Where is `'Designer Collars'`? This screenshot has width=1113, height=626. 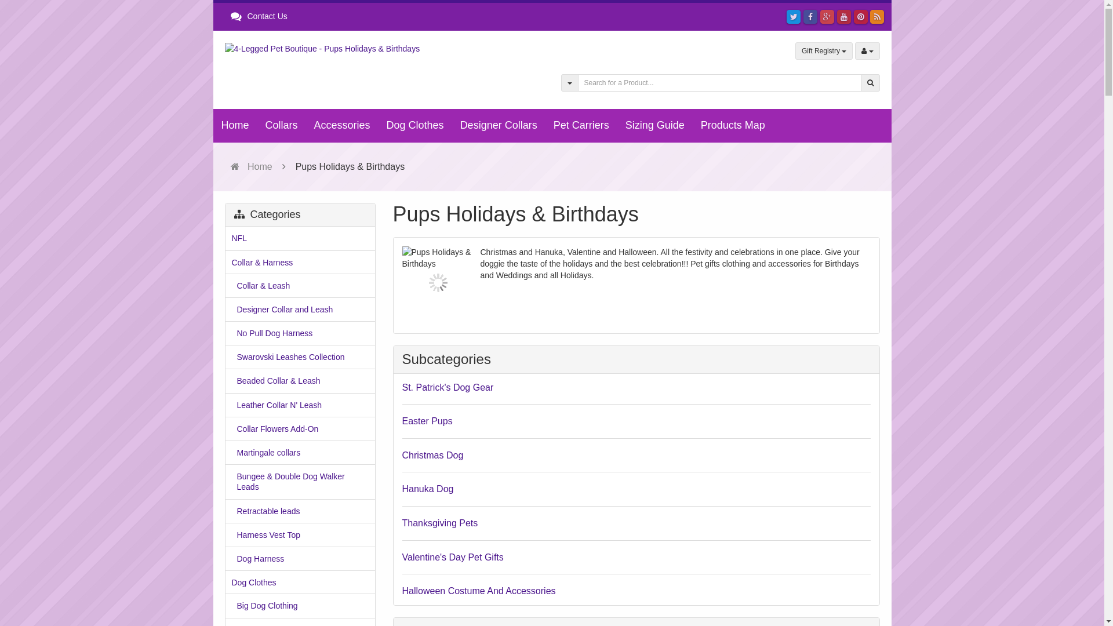
'Designer Collars' is located at coordinates (499, 125).